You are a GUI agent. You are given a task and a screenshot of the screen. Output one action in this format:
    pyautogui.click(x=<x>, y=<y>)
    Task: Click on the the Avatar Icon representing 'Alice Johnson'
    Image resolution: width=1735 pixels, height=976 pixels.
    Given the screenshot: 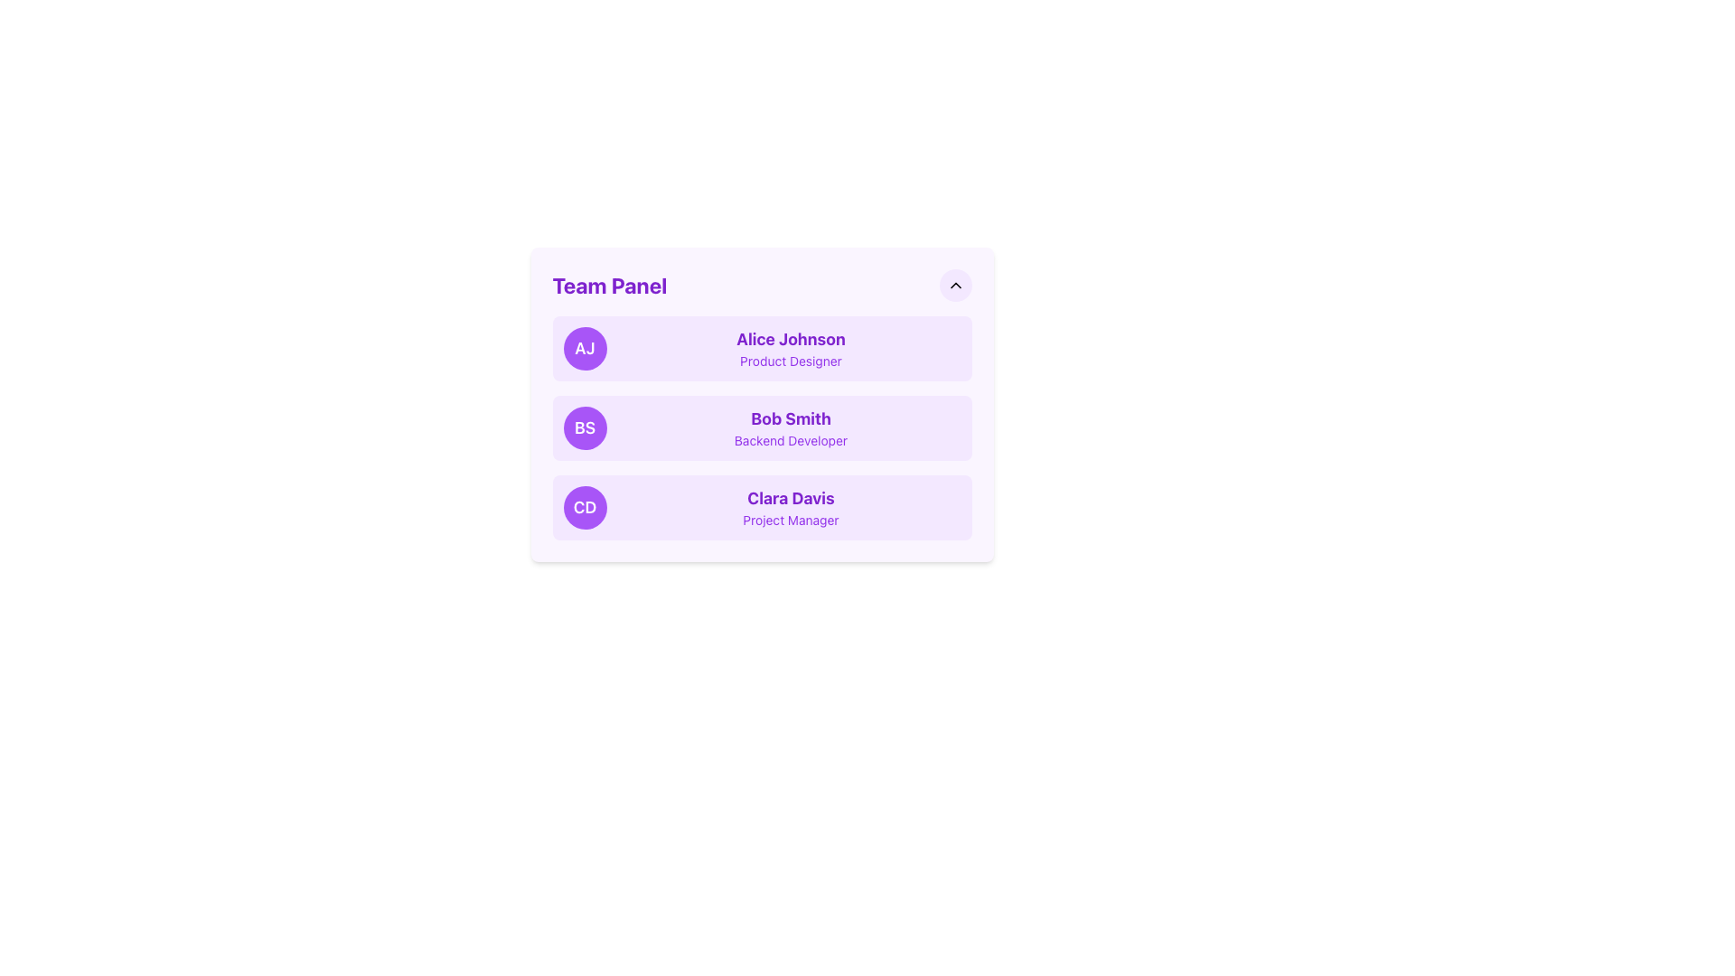 What is the action you would take?
    pyautogui.click(x=585, y=348)
    